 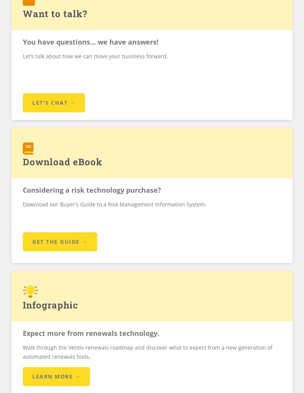 I want to click on 'You have questions... we have answers!', so click(x=90, y=42).